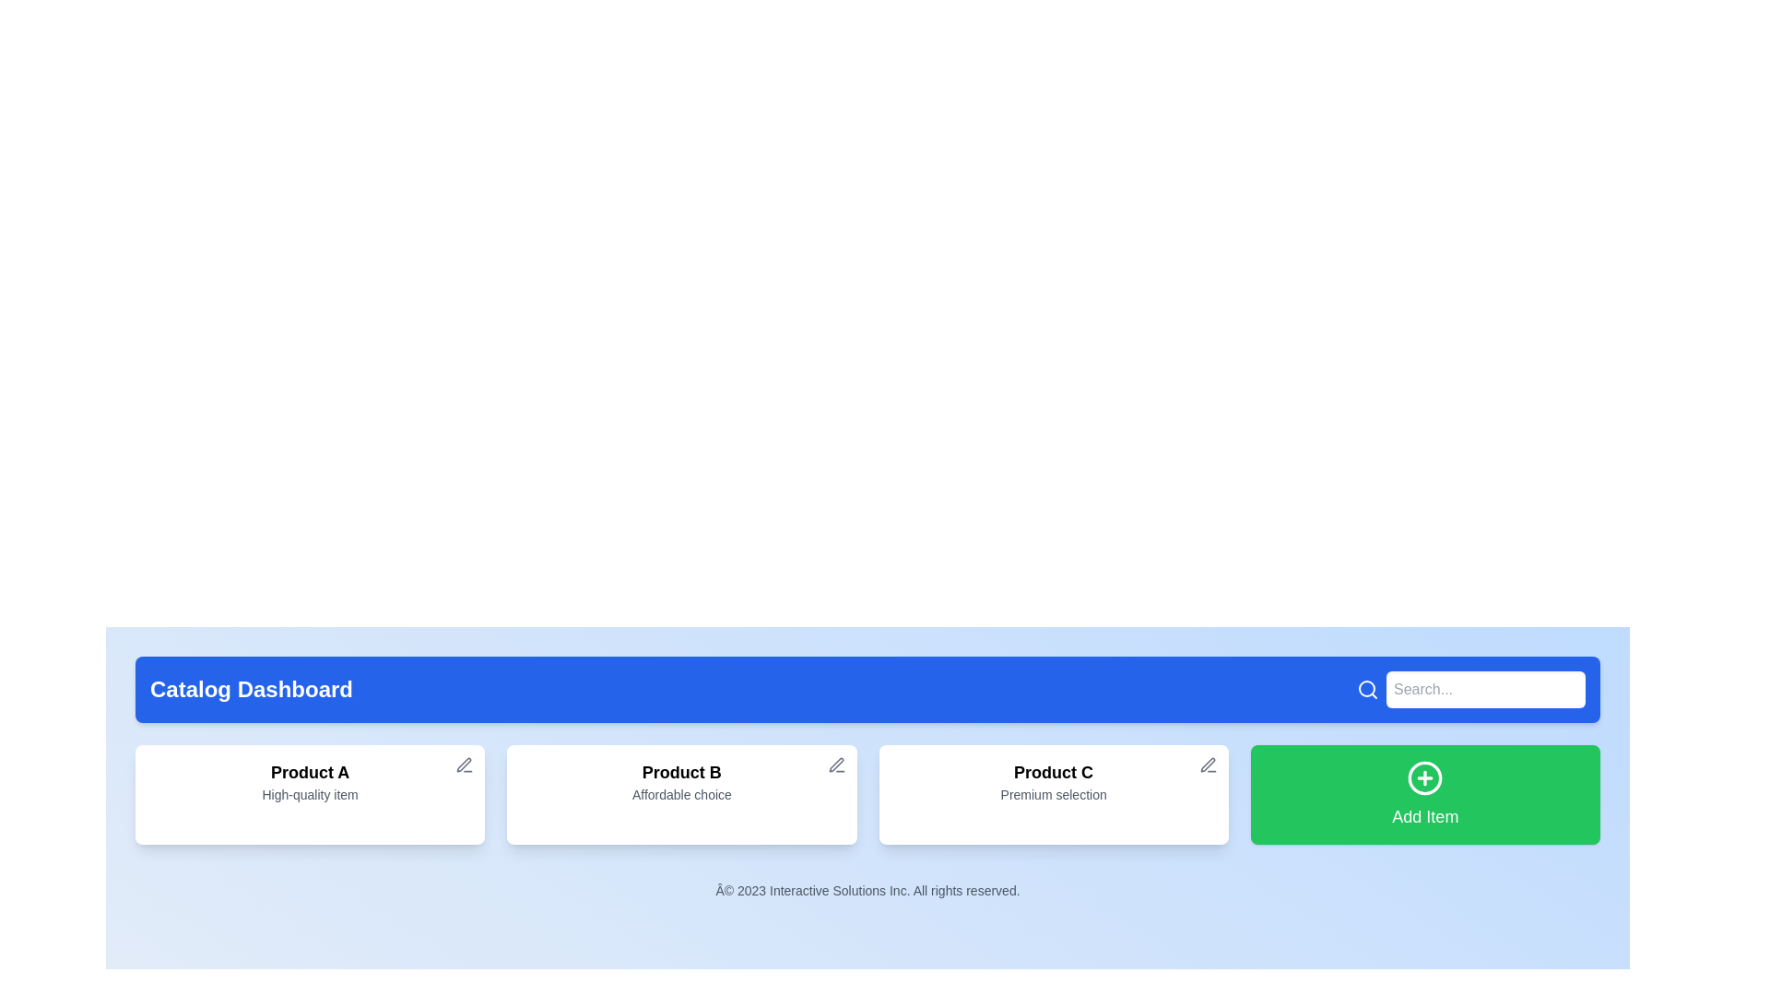 This screenshot has height=996, width=1770. What do you see at coordinates (1424, 816) in the screenshot?
I see `the 'Add Item' text label located inside the green button at the bottom right corner of the interface` at bounding box center [1424, 816].